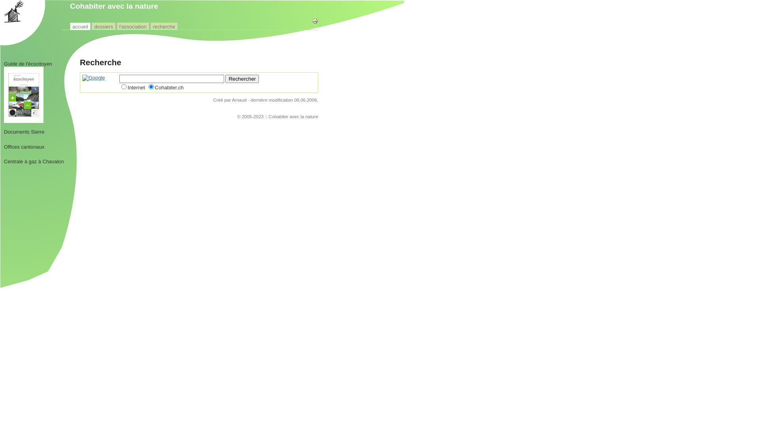  I want to click on 'Imprimer cette page', so click(314, 21).